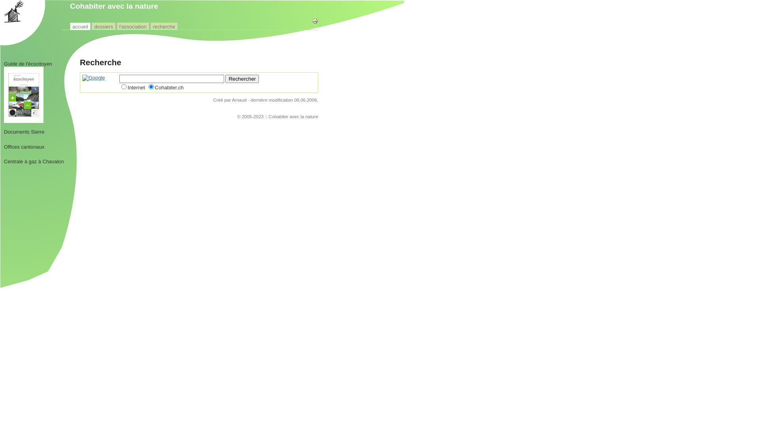  I want to click on 'Imprimer cette page', so click(314, 21).